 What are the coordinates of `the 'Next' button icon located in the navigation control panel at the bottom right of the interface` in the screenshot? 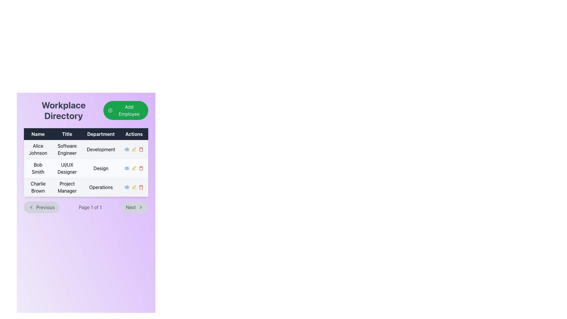 It's located at (140, 207).